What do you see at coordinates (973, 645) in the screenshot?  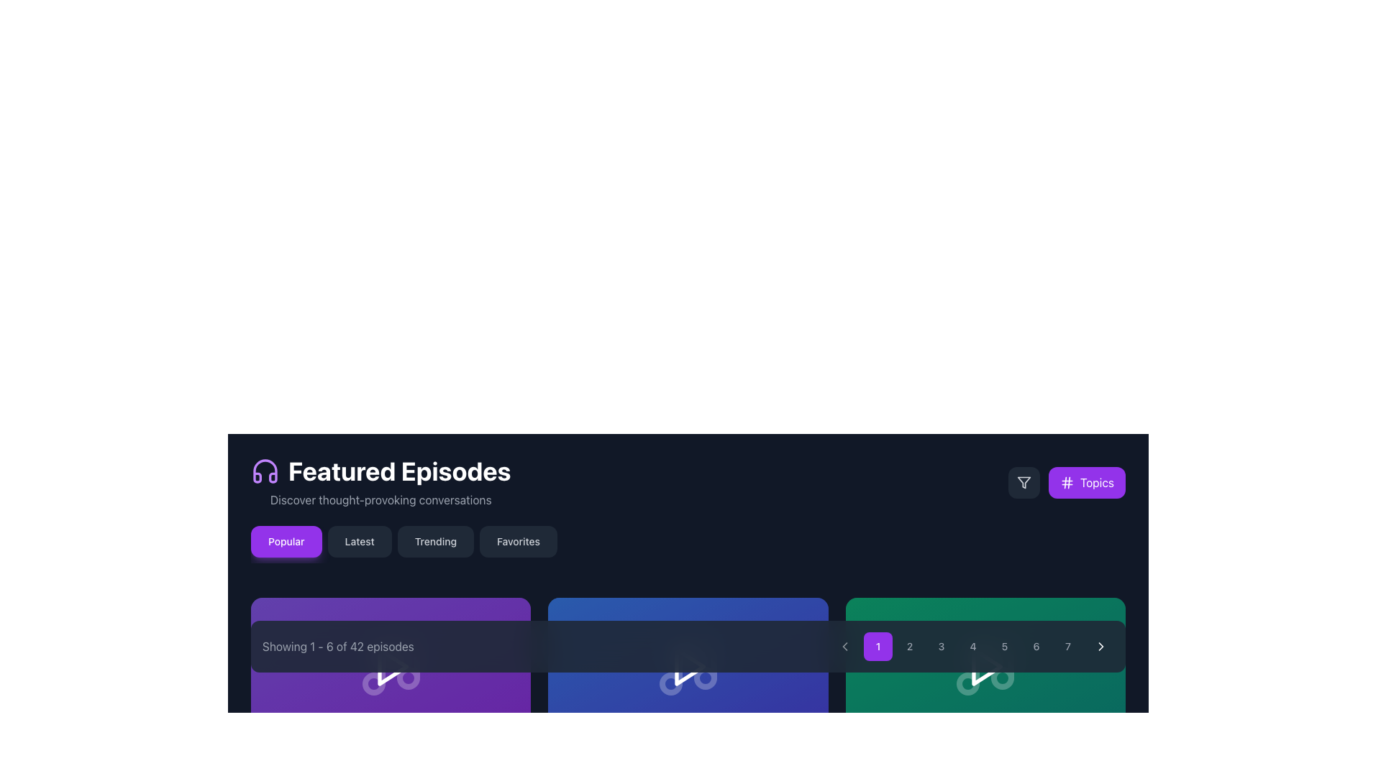 I see `the circular button labeled '4' to observe the hover effect, which changes the background to a darker shade` at bounding box center [973, 645].